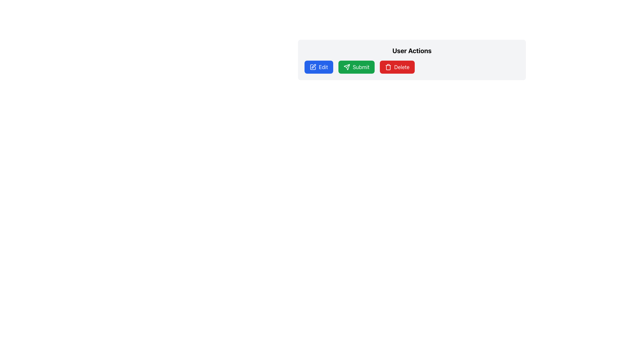 The image size is (626, 352). I want to click on the delete icon within the 'Delete' button located in the top-right area of the interface, so click(388, 67).